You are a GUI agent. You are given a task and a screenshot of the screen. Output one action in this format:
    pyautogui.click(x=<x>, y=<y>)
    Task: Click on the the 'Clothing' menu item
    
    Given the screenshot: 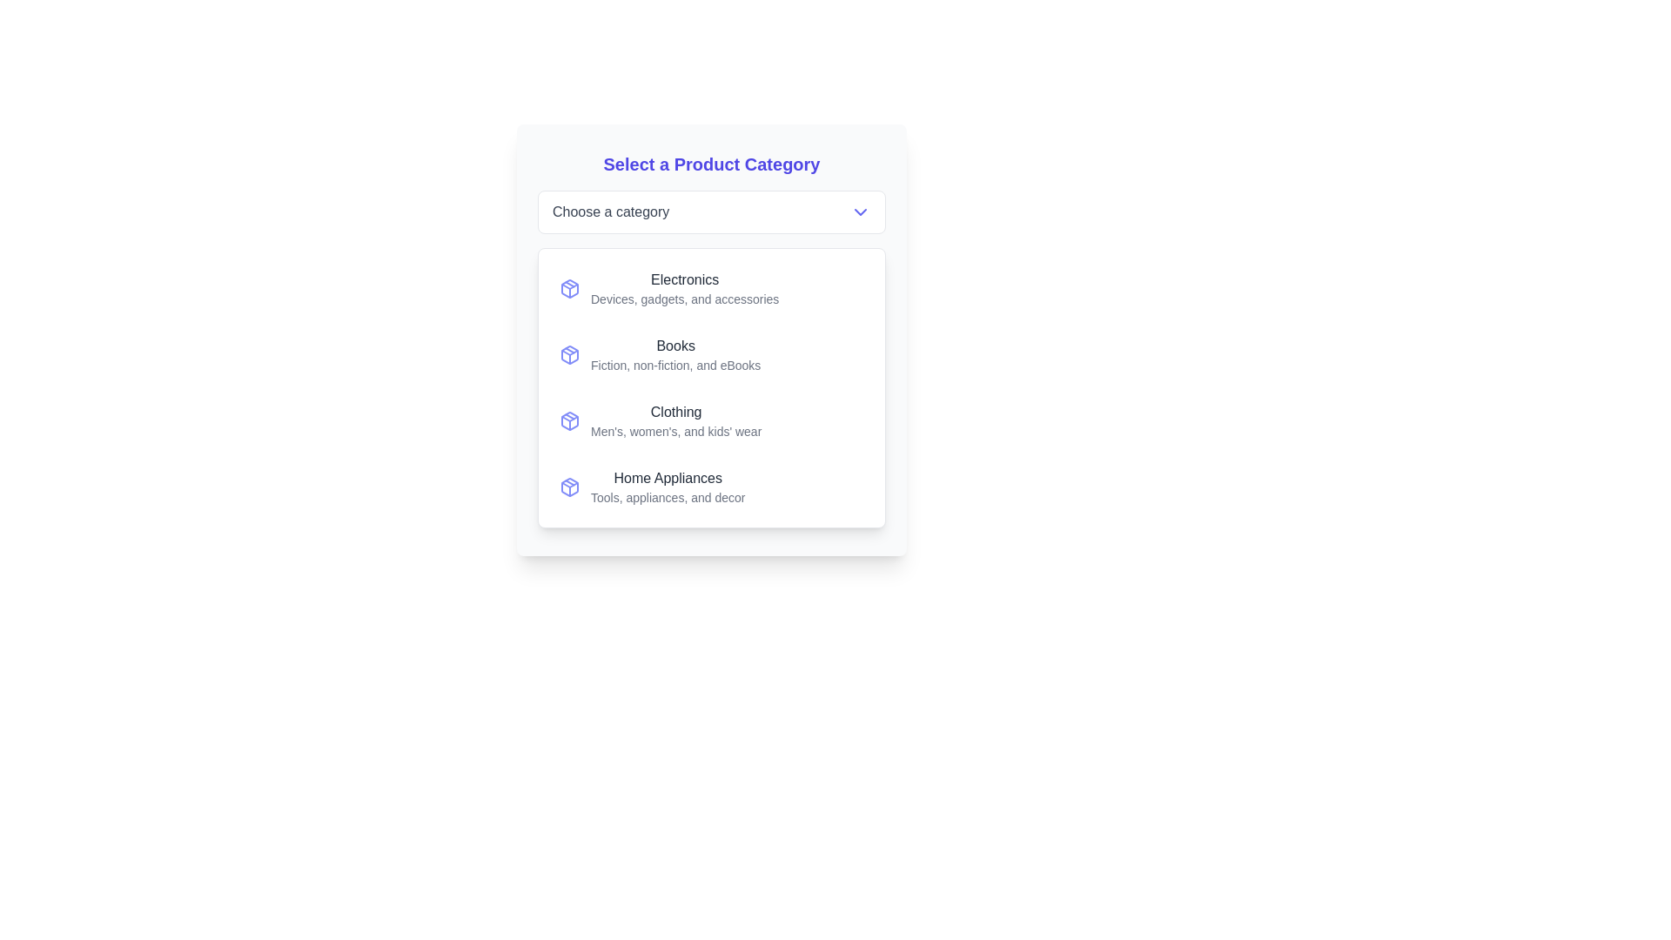 What is the action you would take?
    pyautogui.click(x=660, y=420)
    